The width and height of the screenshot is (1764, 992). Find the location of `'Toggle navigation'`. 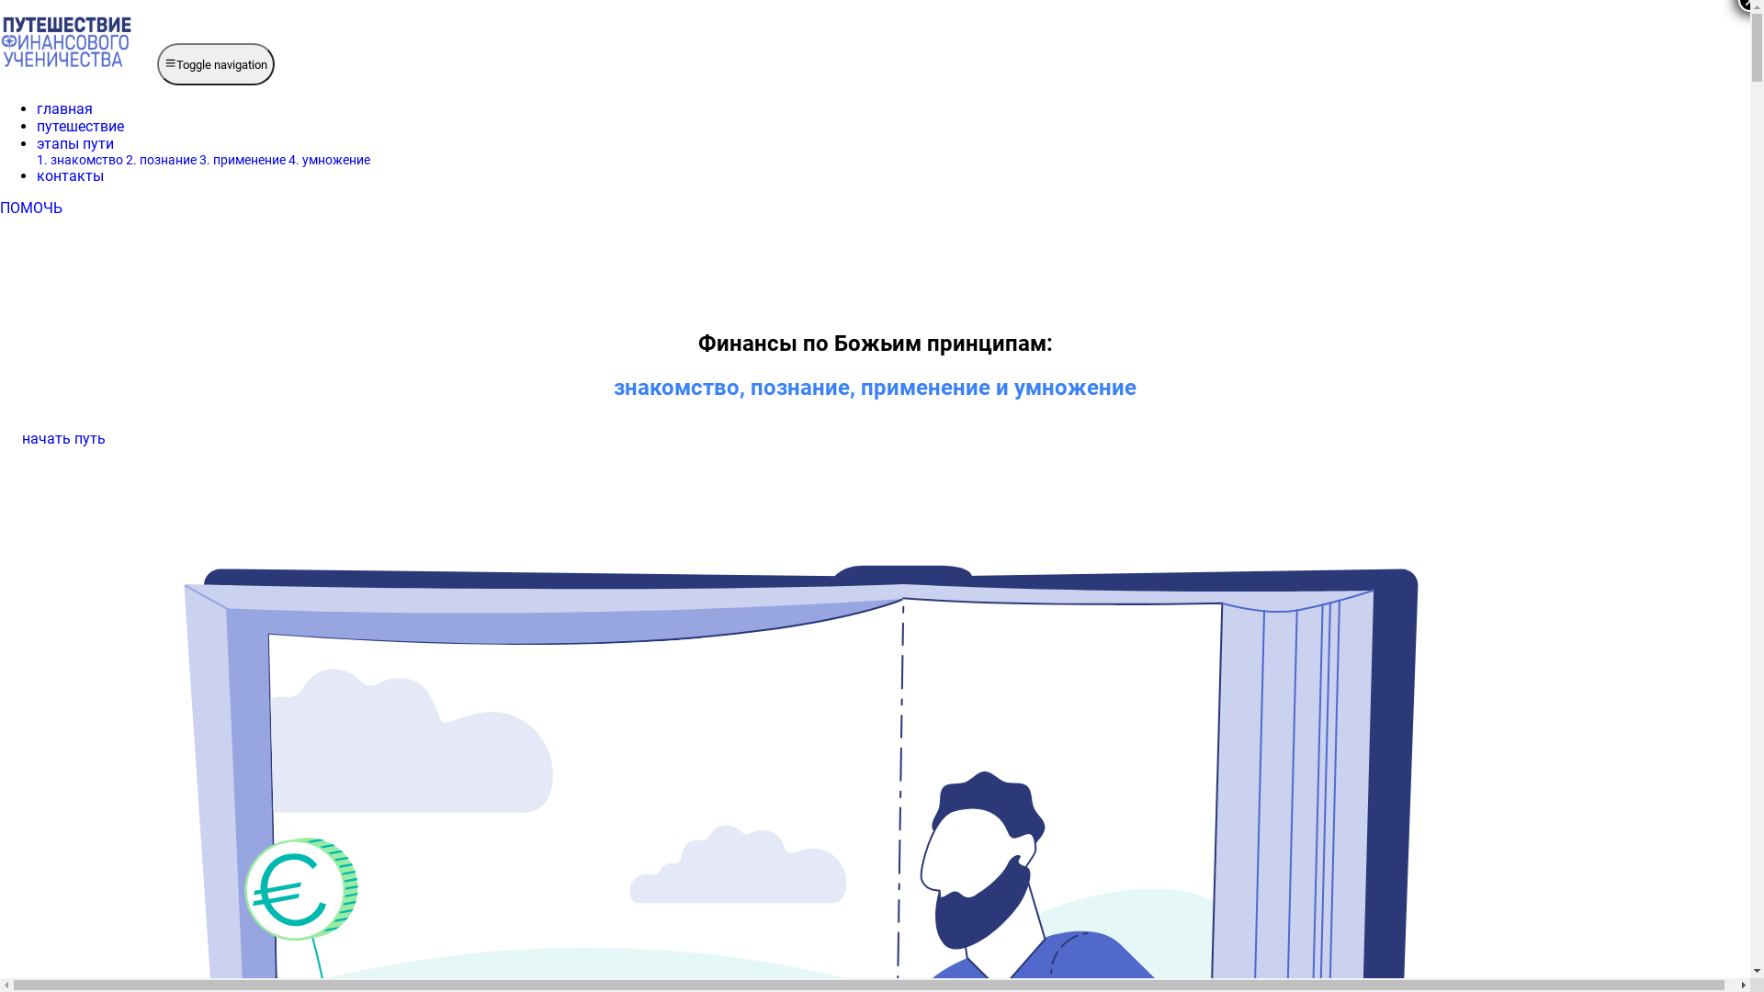

'Toggle navigation' is located at coordinates (216, 62).